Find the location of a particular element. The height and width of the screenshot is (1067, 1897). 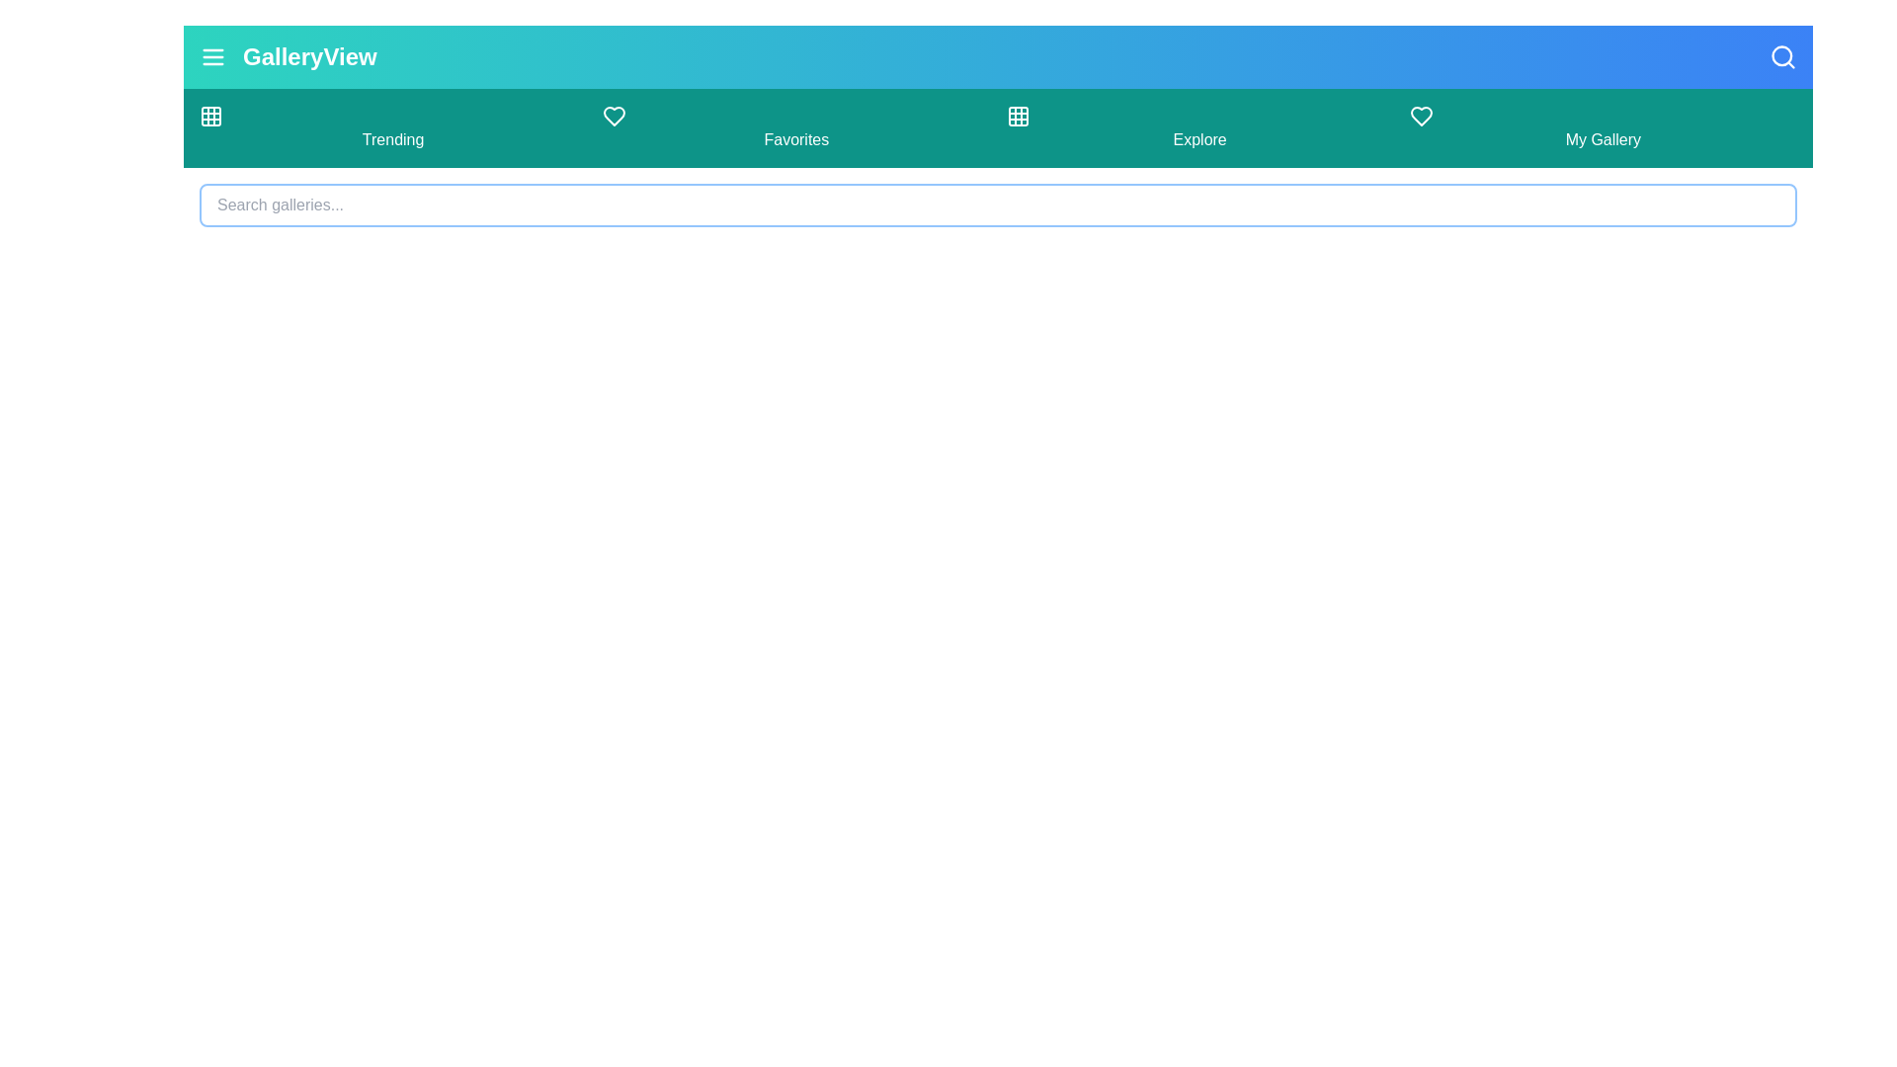

the menu item labeled Trending in the navigation drawer is located at coordinates (393, 128).